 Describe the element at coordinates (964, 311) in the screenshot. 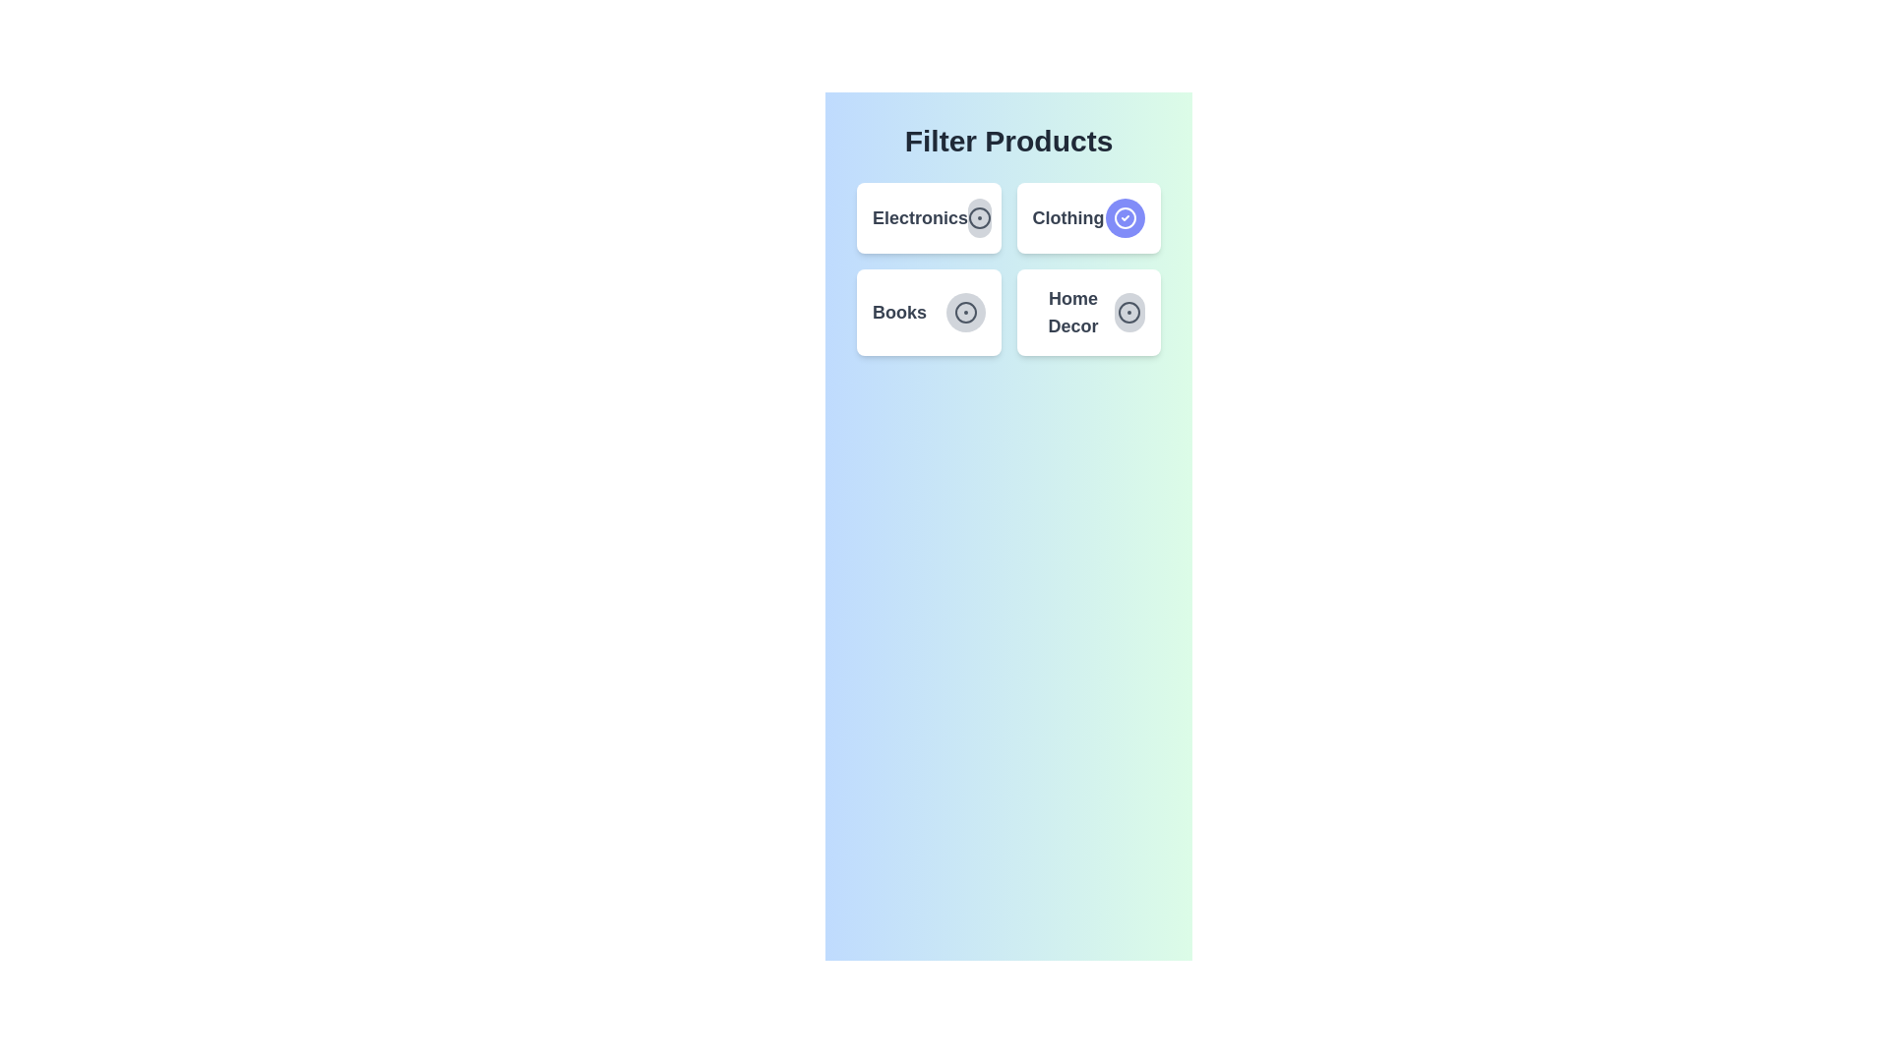

I see `the category Books` at that location.